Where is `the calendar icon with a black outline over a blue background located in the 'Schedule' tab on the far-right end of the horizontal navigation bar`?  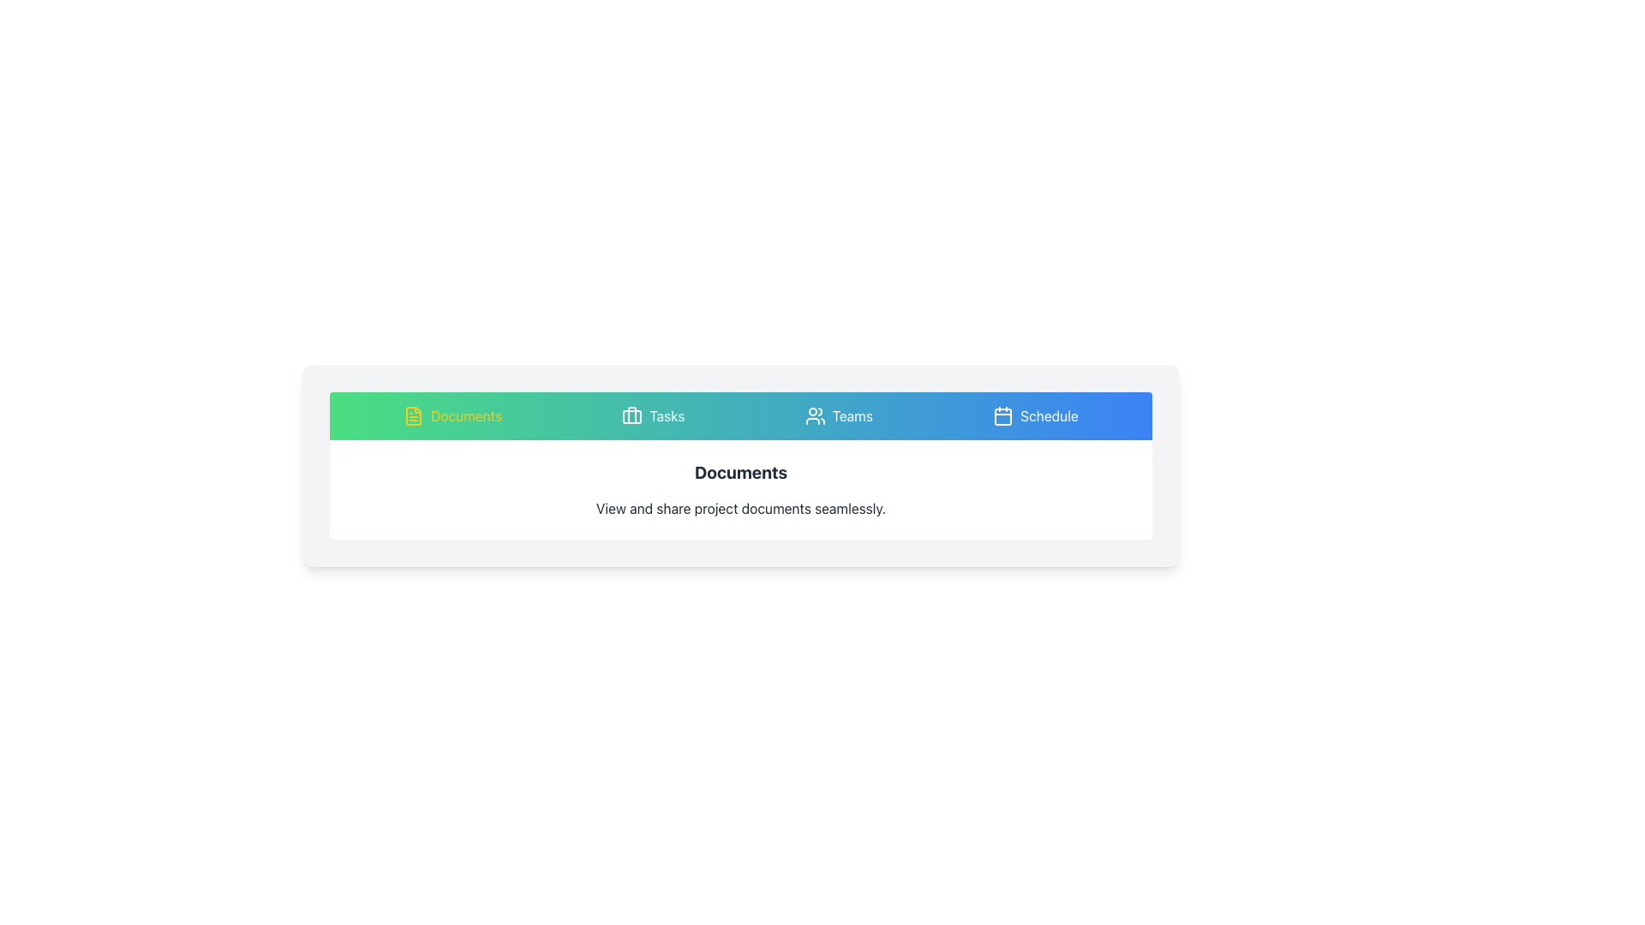 the calendar icon with a black outline over a blue background located in the 'Schedule' tab on the far-right end of the horizontal navigation bar is located at coordinates (1003, 416).